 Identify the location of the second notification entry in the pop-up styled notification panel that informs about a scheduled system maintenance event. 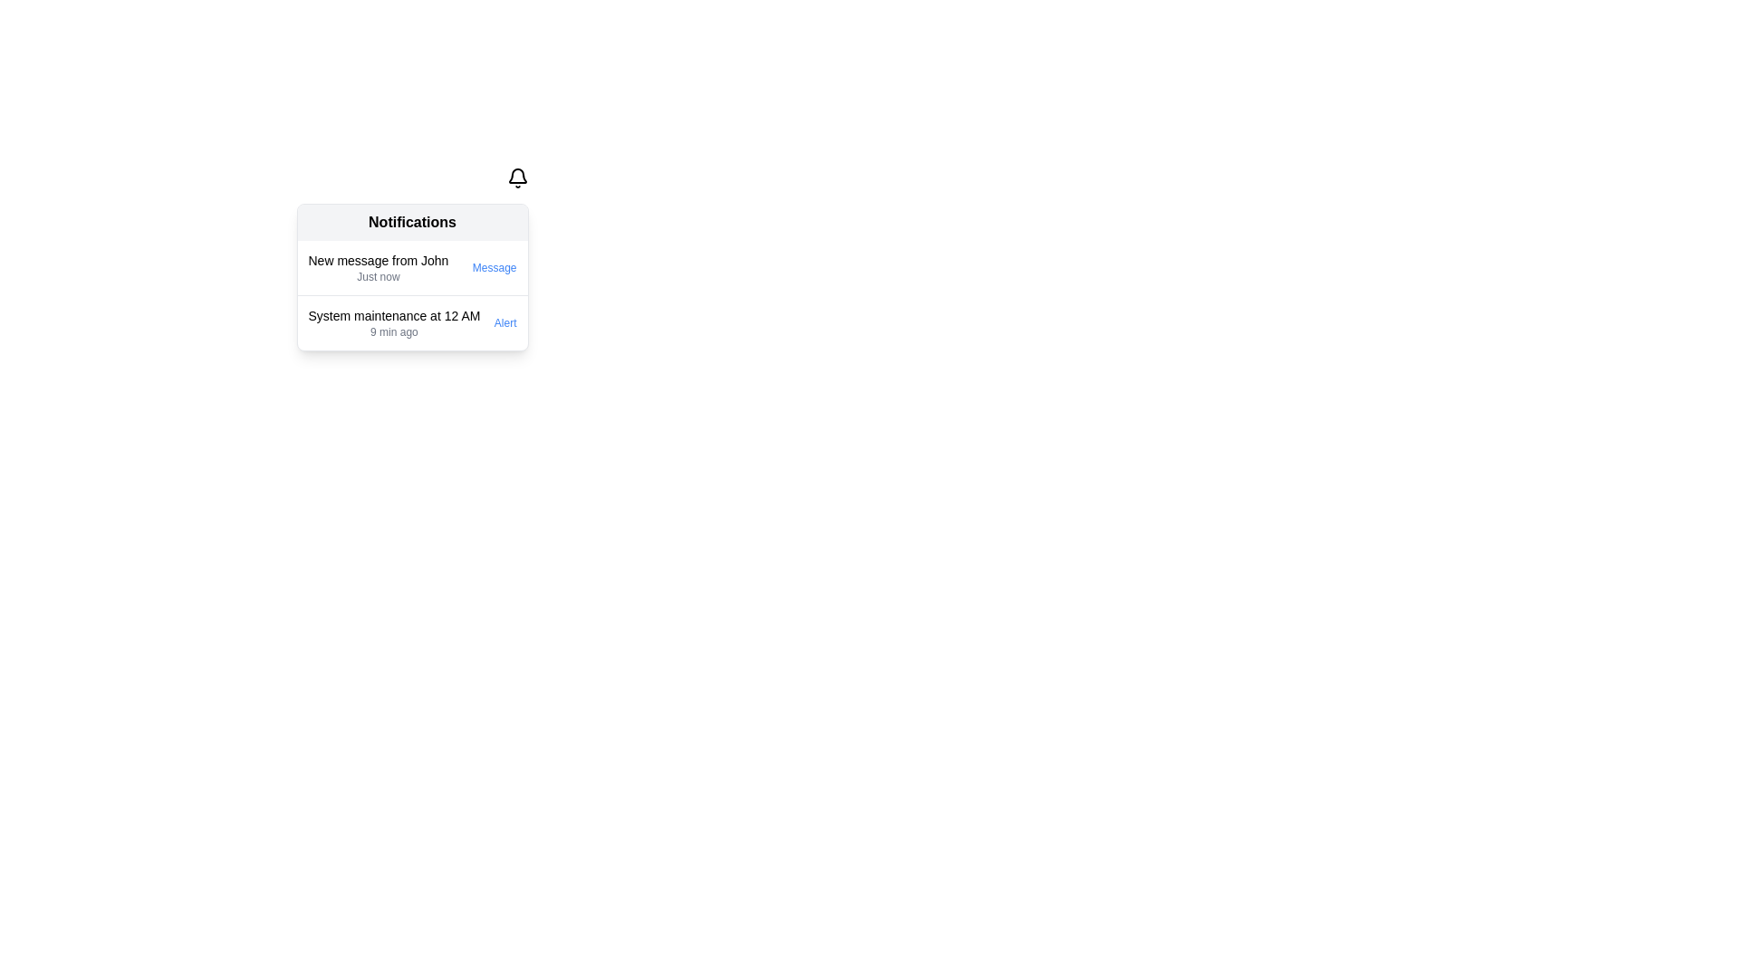
(393, 322).